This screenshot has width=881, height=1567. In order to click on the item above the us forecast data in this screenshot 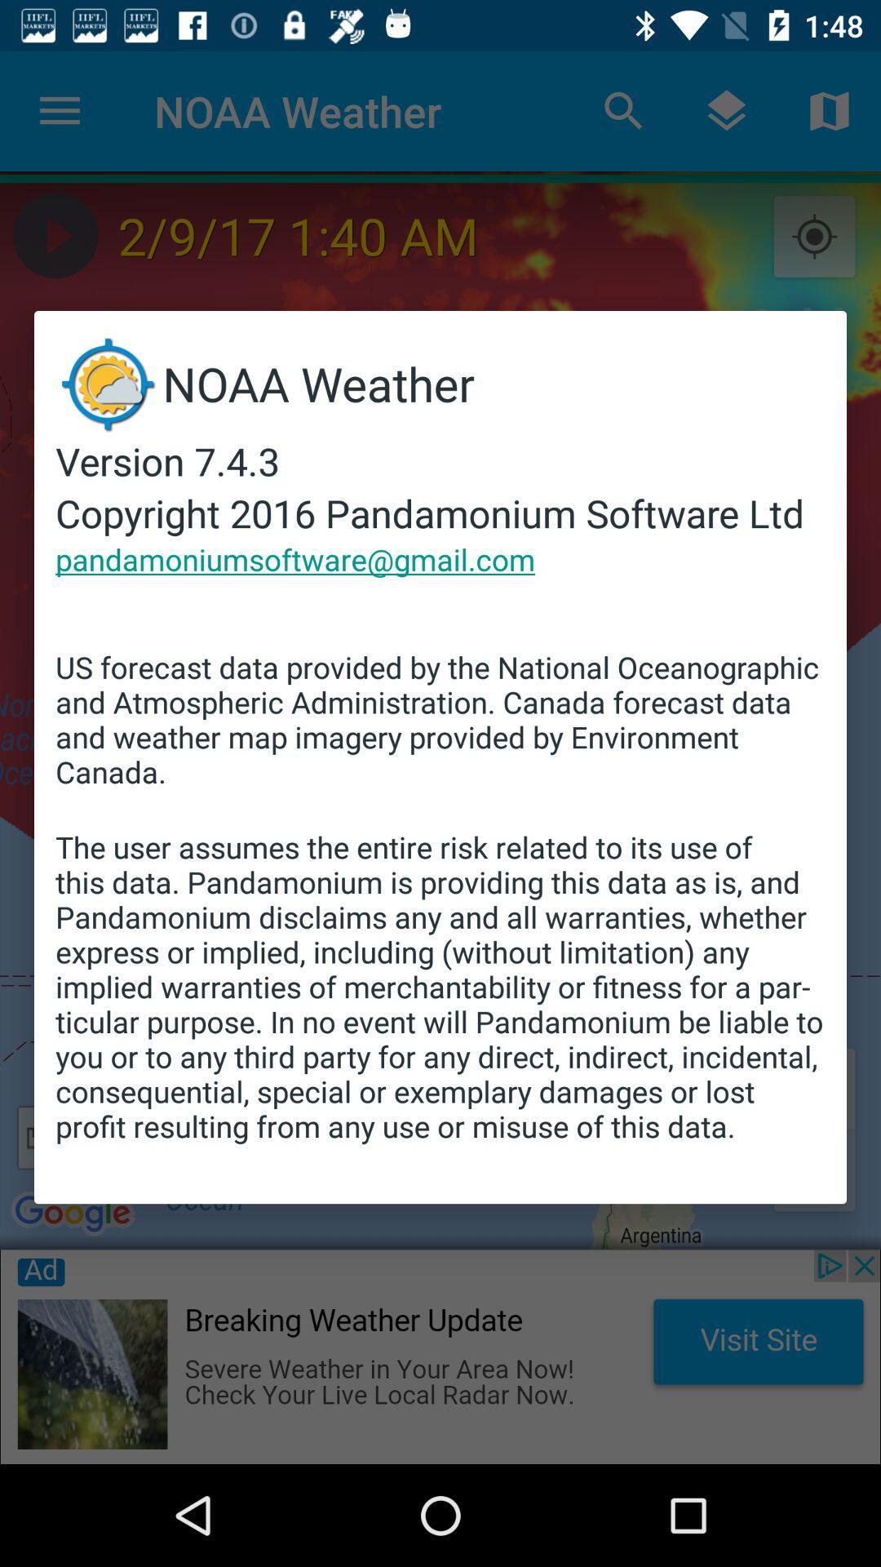, I will do `click(295, 559)`.